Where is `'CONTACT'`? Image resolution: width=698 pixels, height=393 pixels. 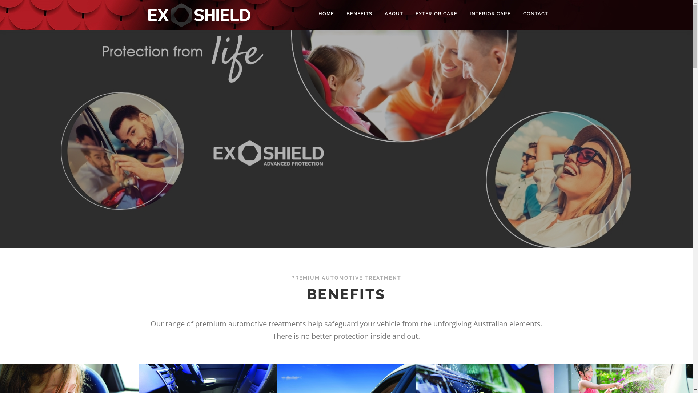 'CONTACT' is located at coordinates (532, 13).